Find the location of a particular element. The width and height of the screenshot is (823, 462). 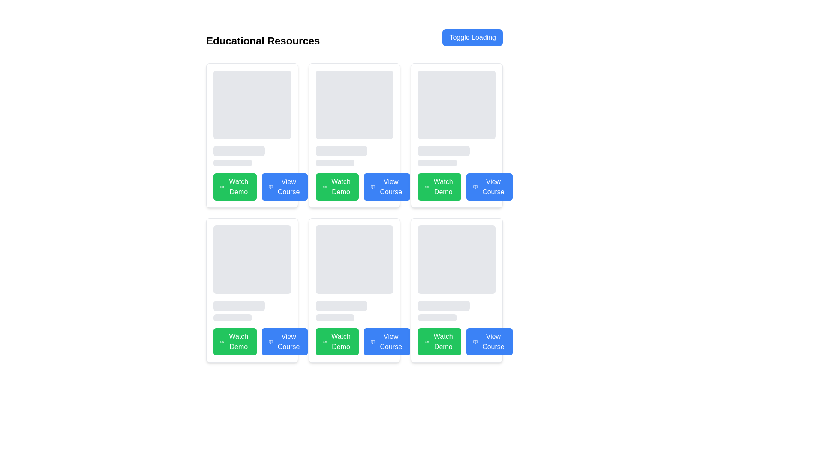

the button located to the right of the 'Educational Resources' text to observe the color change is located at coordinates (472, 37).